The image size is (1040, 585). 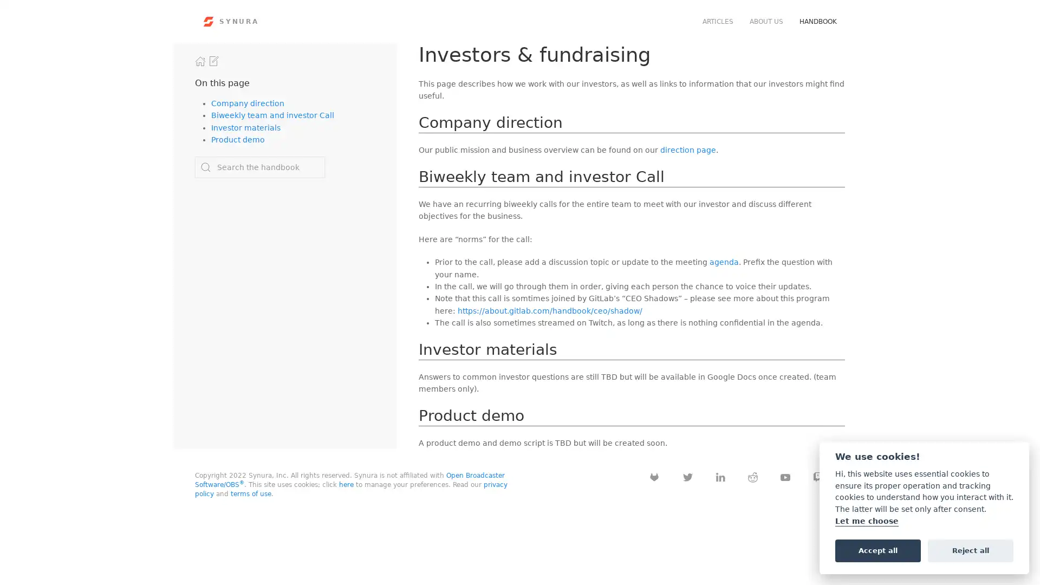 What do you see at coordinates (877, 550) in the screenshot?
I see `Accept all` at bounding box center [877, 550].